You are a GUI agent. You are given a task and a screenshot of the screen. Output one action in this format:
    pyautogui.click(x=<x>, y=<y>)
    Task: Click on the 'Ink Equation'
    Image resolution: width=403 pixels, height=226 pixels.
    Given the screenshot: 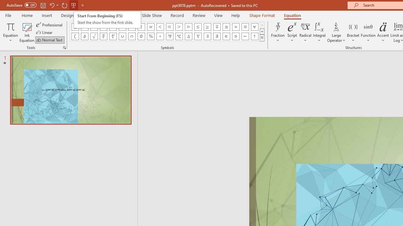 What is the action you would take?
    pyautogui.click(x=27, y=32)
    